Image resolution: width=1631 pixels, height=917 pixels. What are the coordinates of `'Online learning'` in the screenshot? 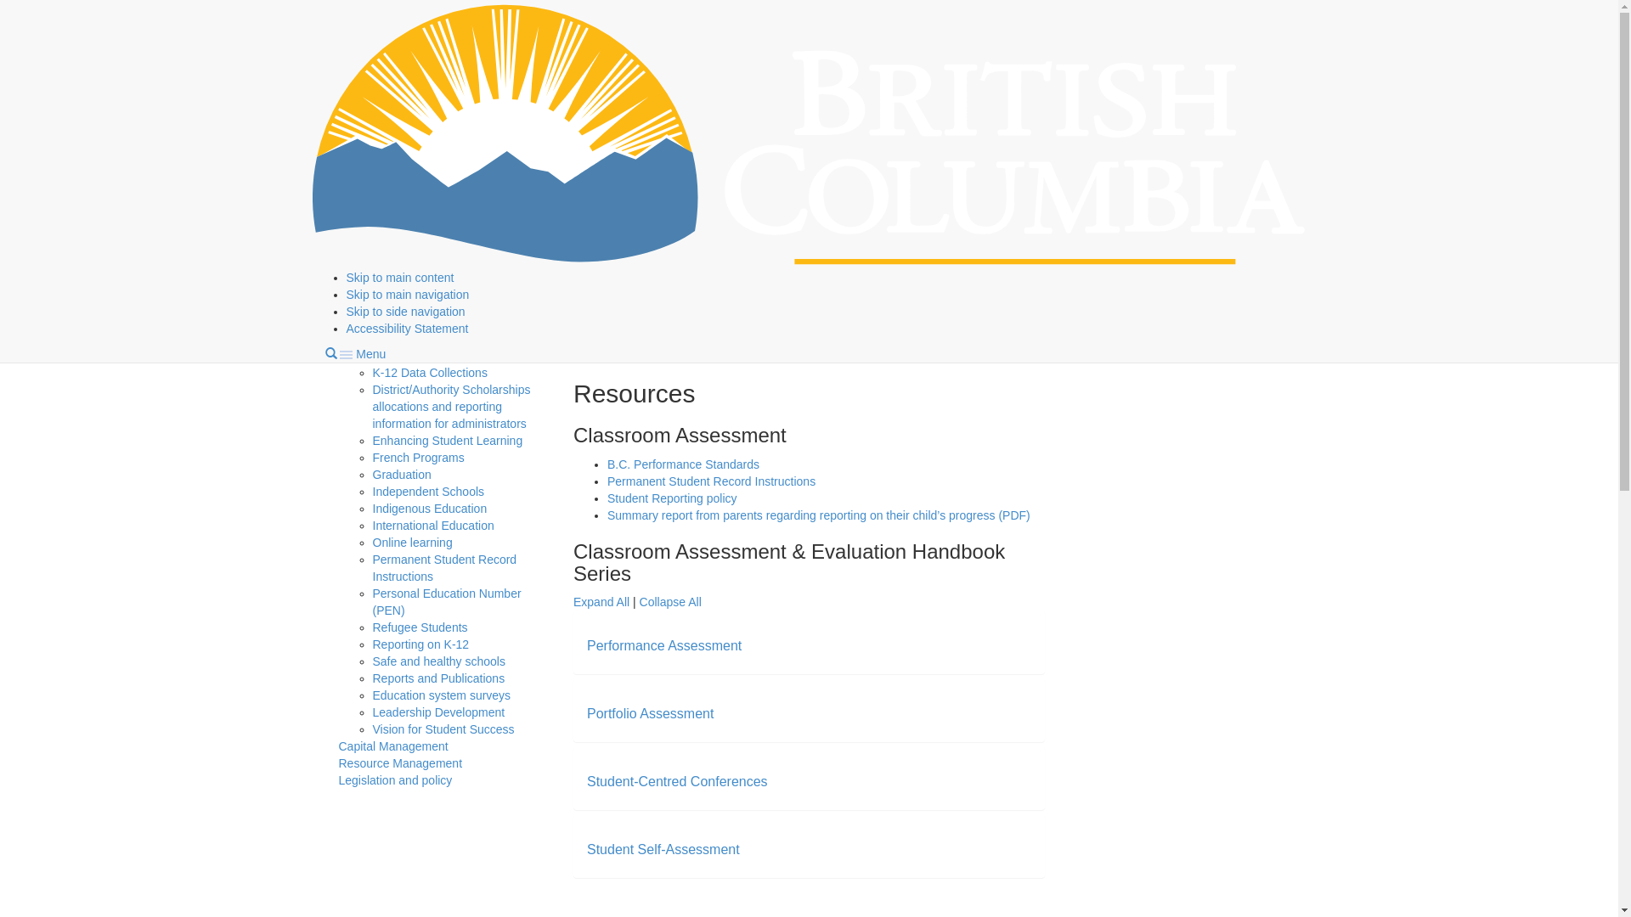 It's located at (370, 543).